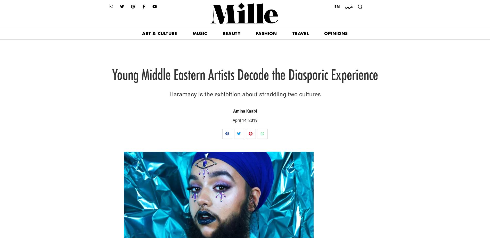 The height and width of the screenshot is (246, 490). What do you see at coordinates (169, 94) in the screenshot?
I see `'Haramacy is the exhibition about straddling two cultures'` at bounding box center [169, 94].